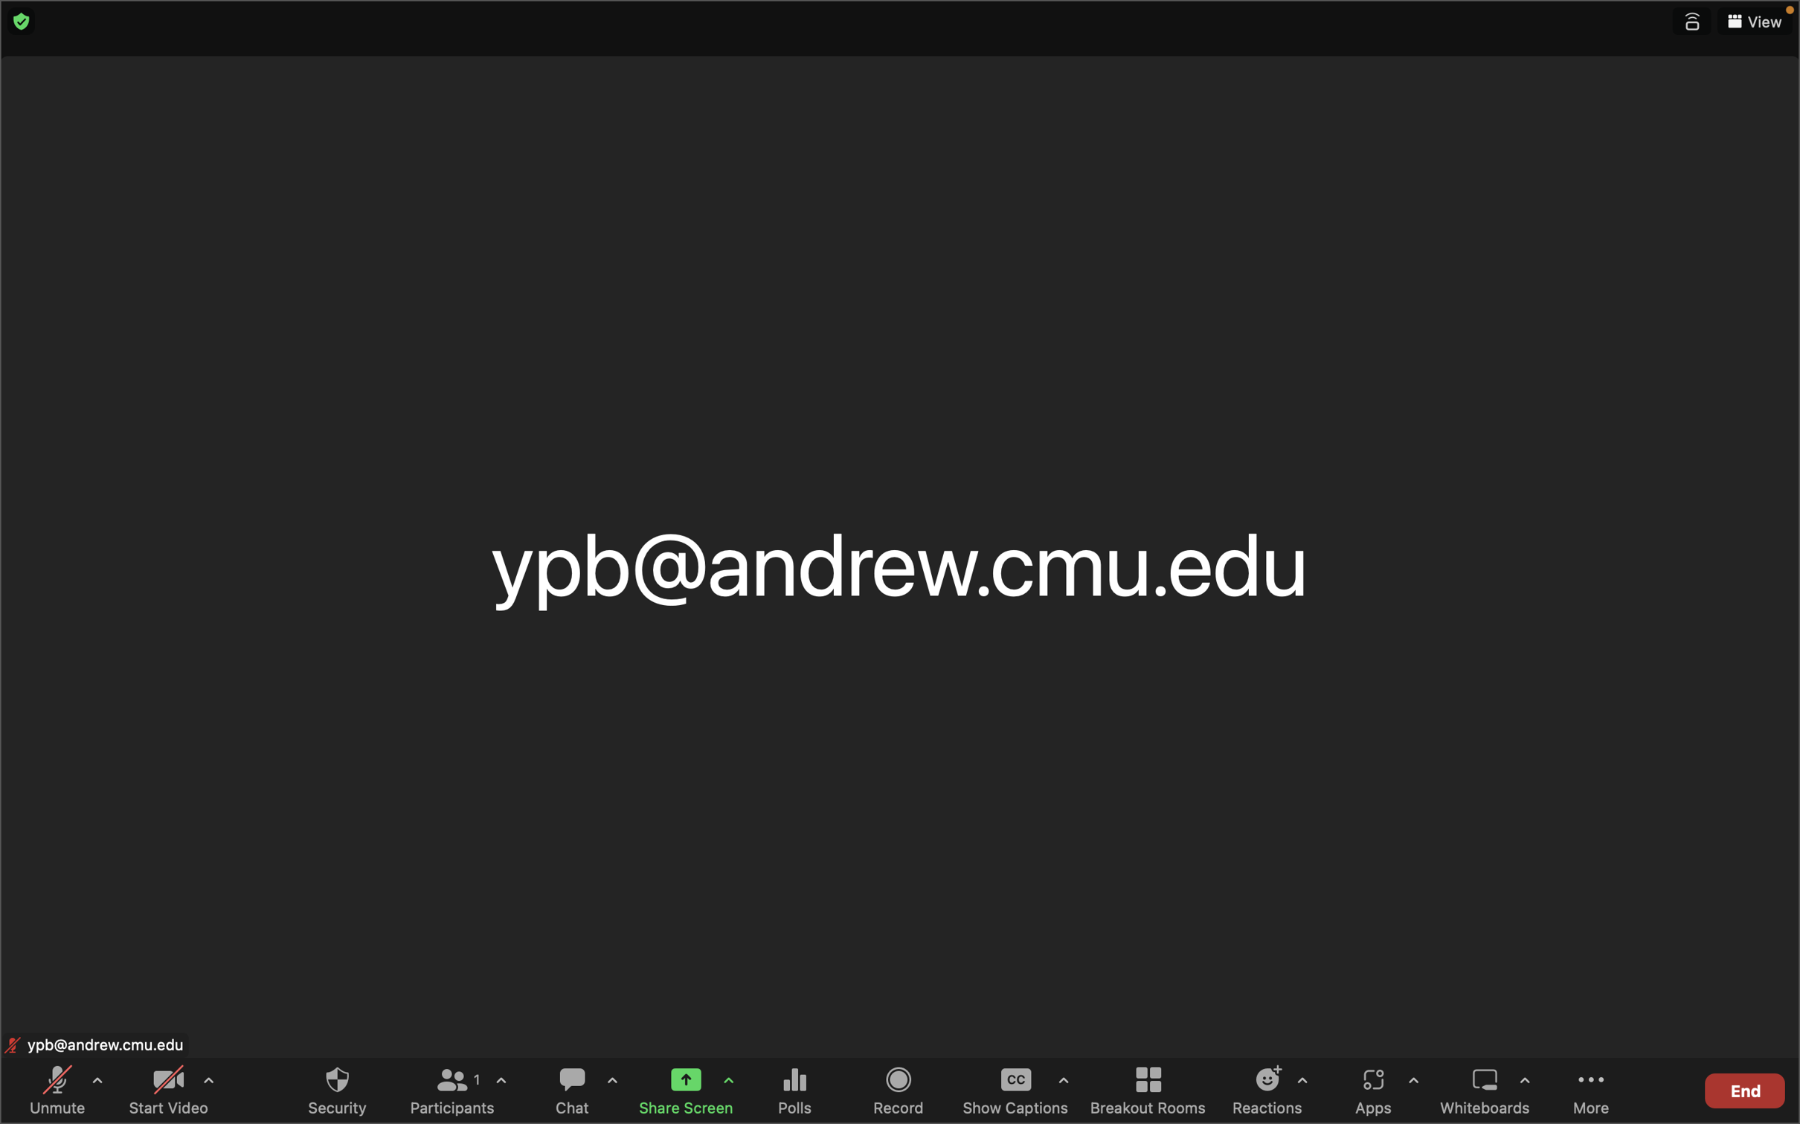  I want to click on the security options, so click(336, 1089).